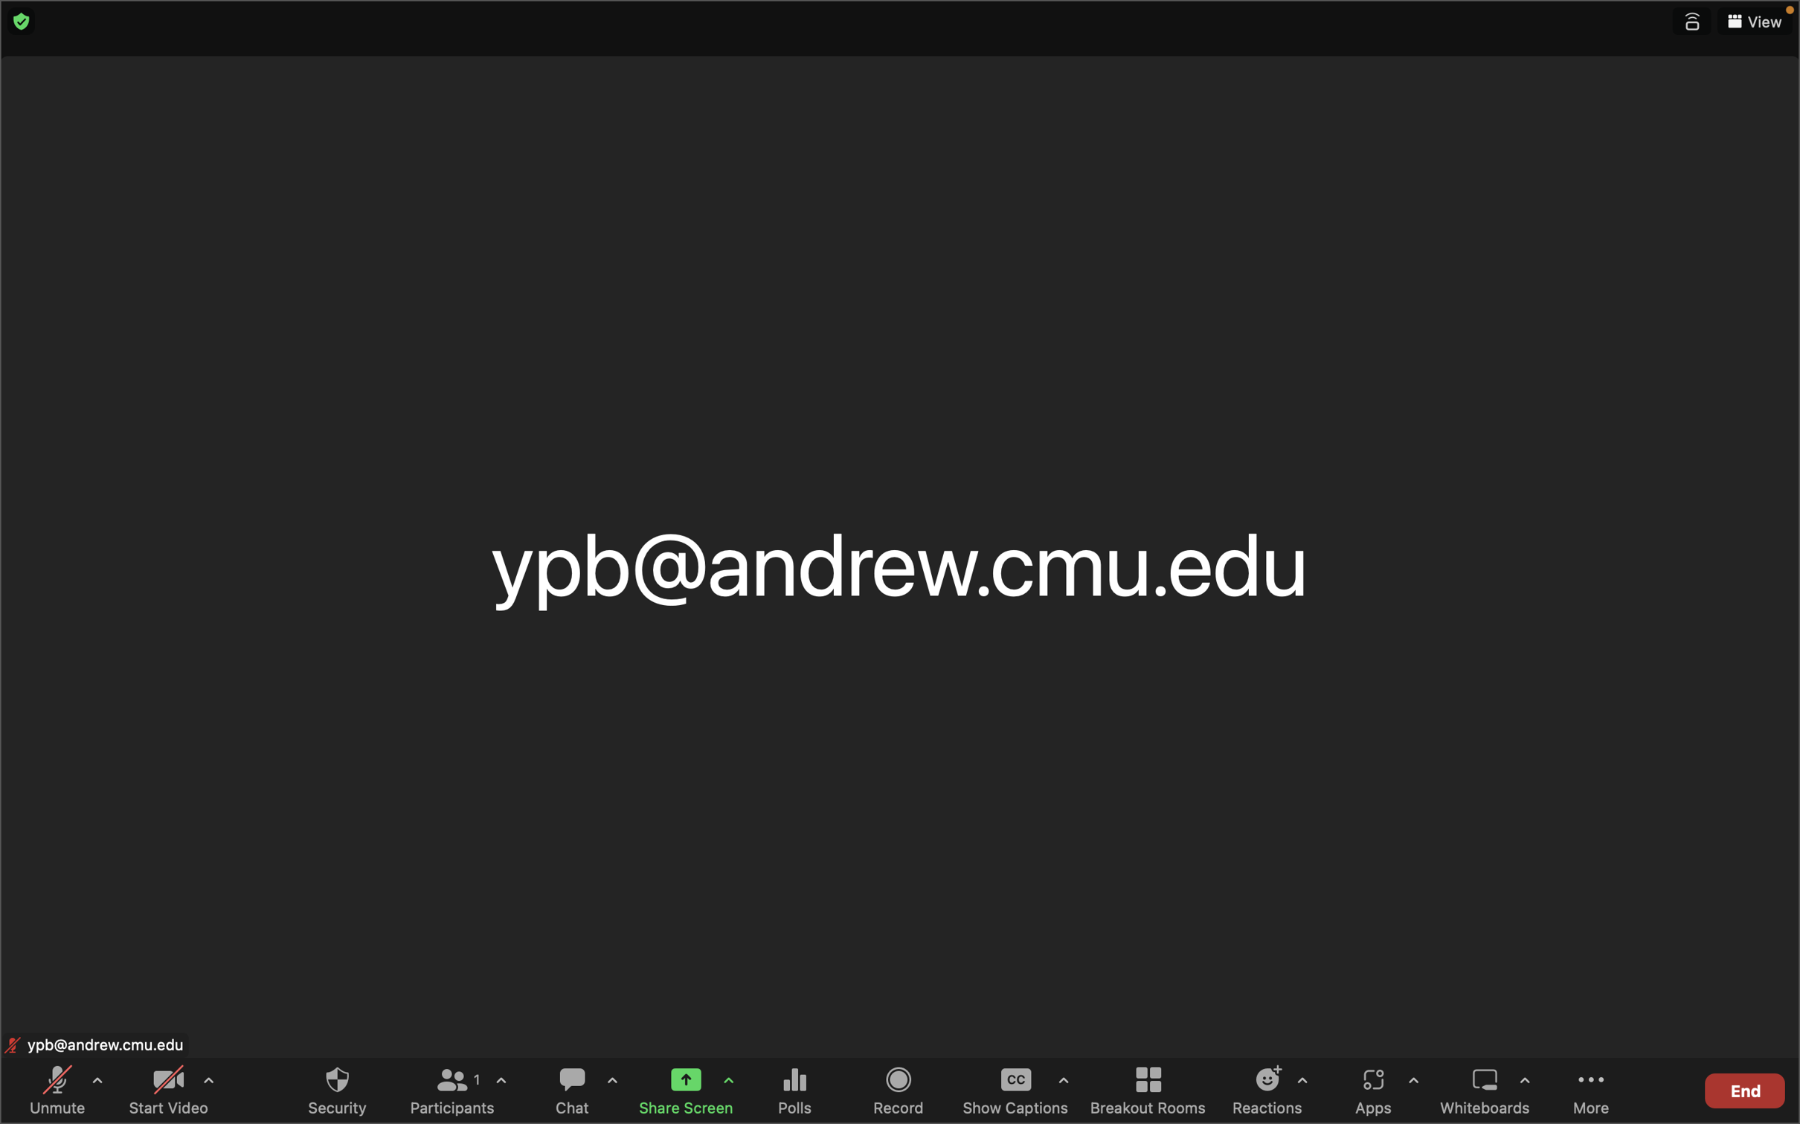  I want to click on the security options, so click(336, 1089).